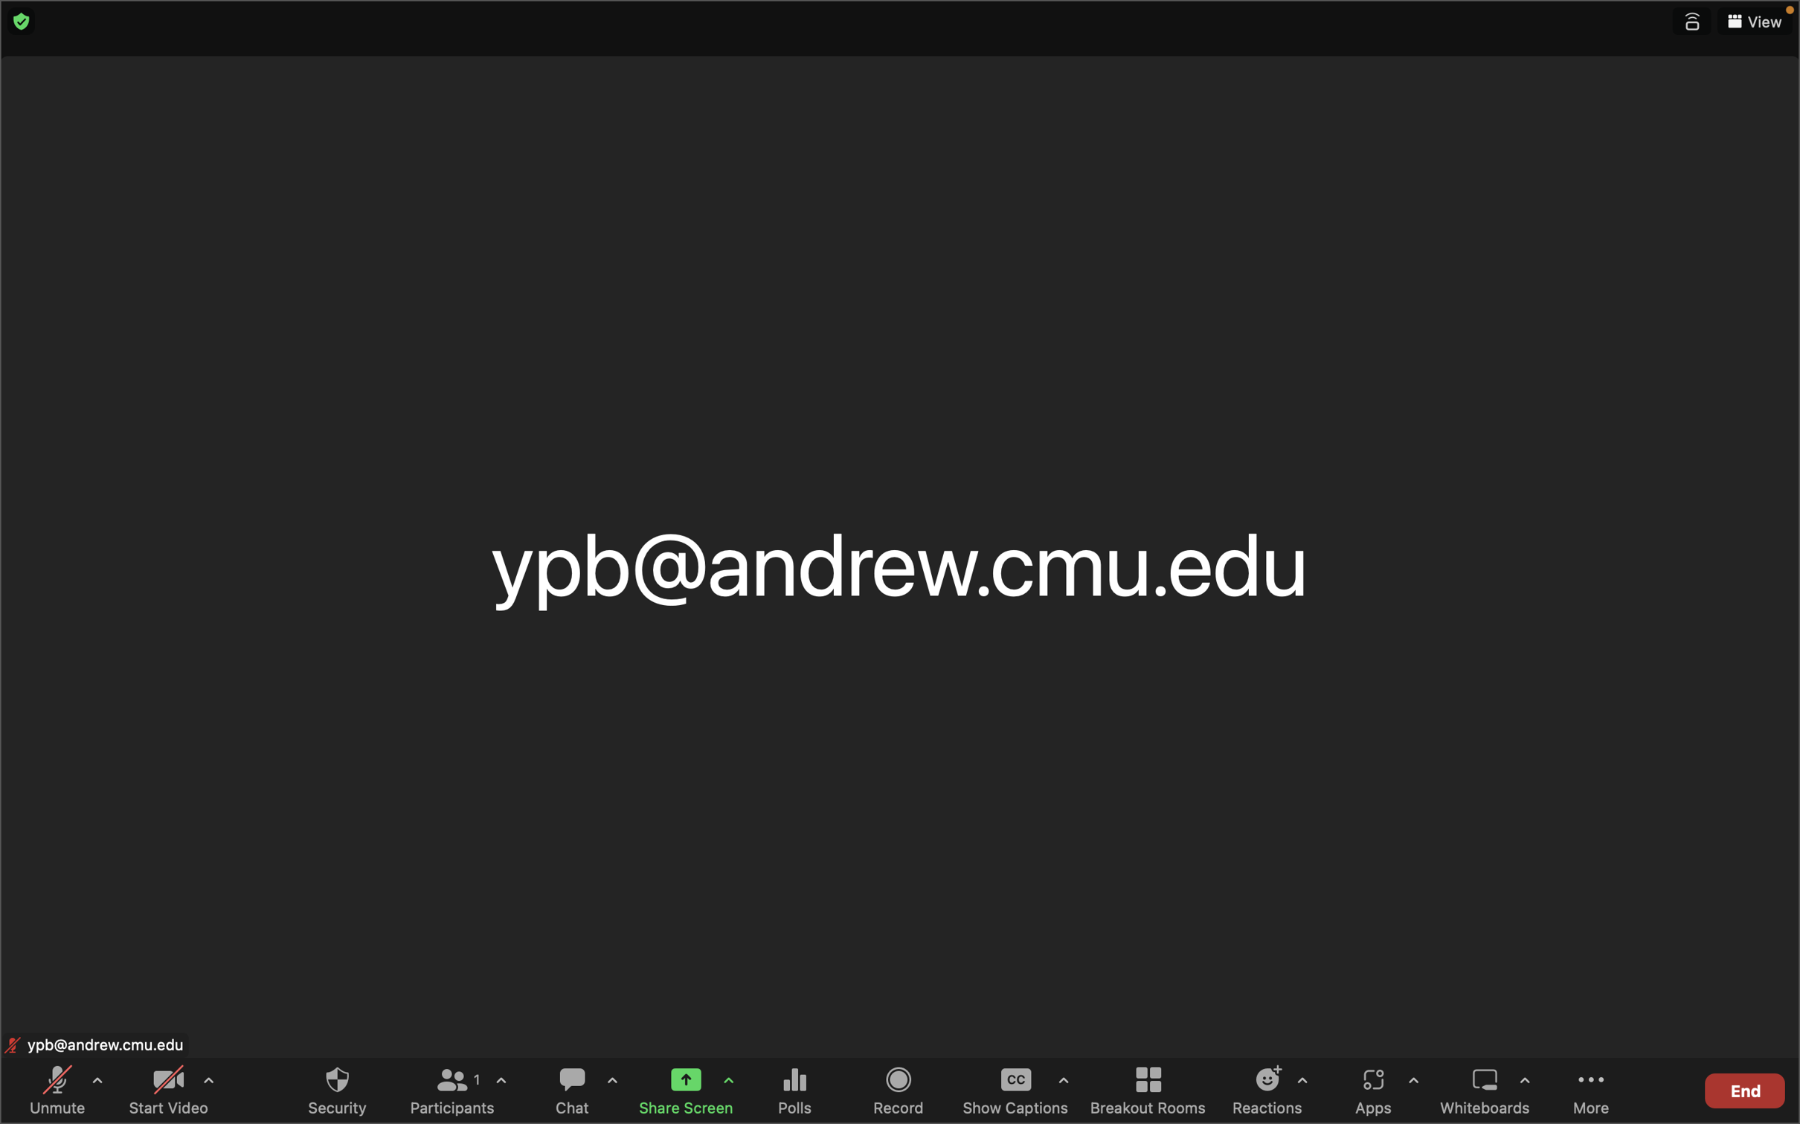  I want to click on the security options, so click(336, 1089).